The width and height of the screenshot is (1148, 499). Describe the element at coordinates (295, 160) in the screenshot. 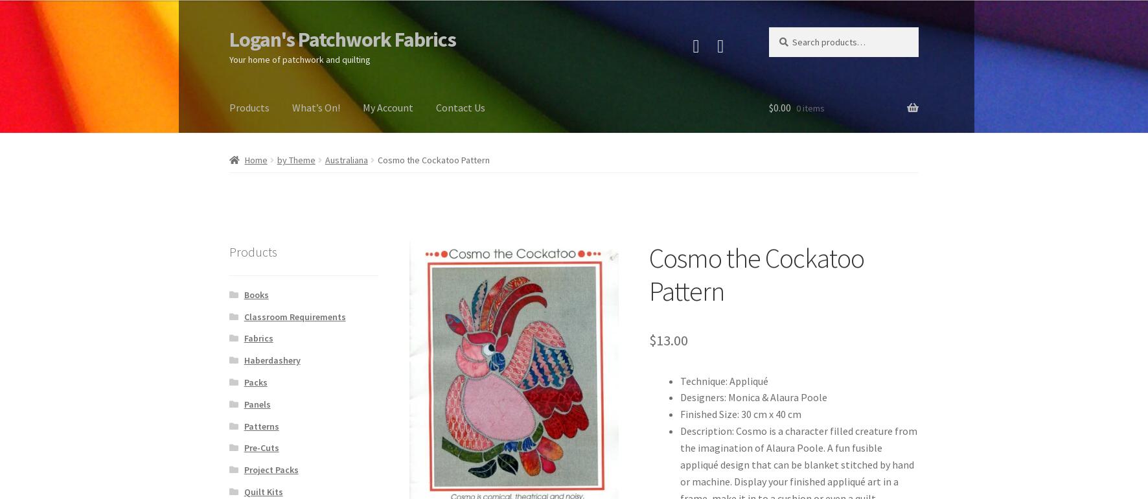

I see `'by Theme'` at that location.